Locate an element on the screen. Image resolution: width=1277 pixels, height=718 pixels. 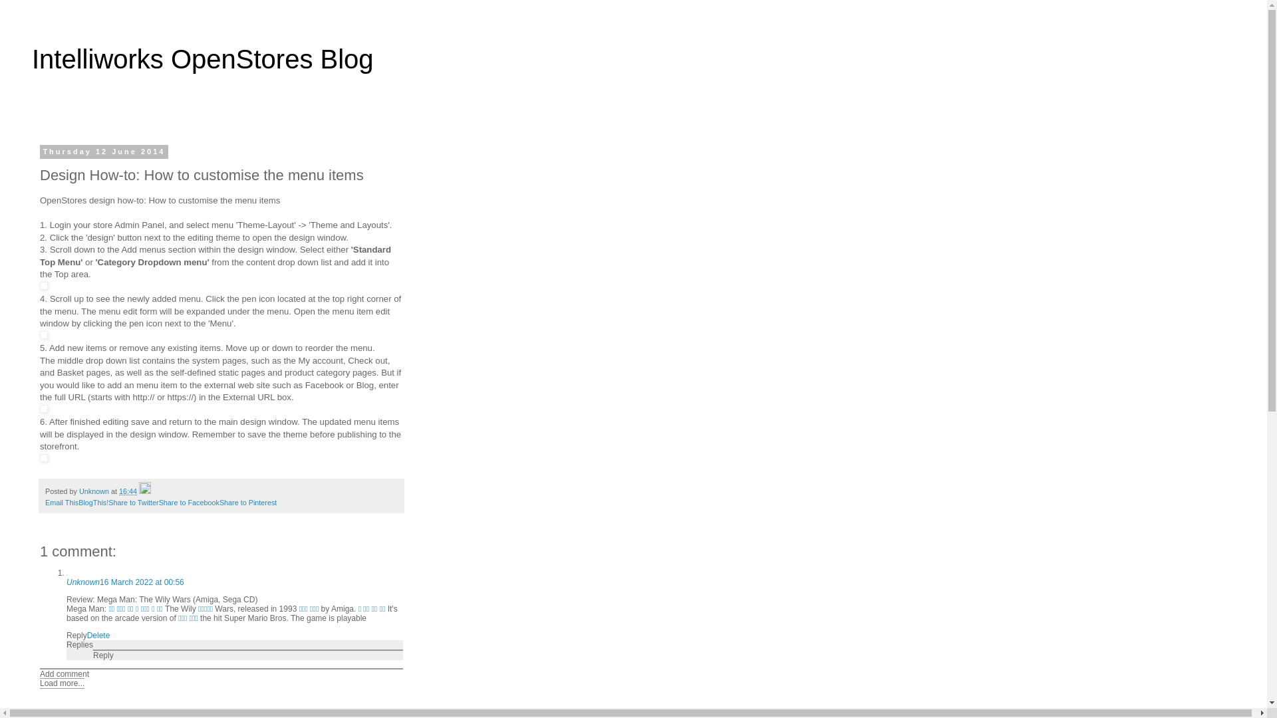
'Intelliworks OpenStores Blog' is located at coordinates (202, 58).